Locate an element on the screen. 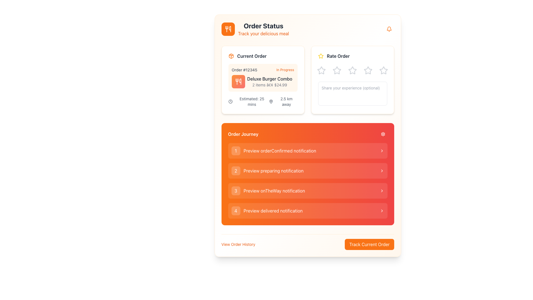 This screenshot has width=533, height=300. the fifth star icon in the 'Rate Order' section is located at coordinates (383, 70).